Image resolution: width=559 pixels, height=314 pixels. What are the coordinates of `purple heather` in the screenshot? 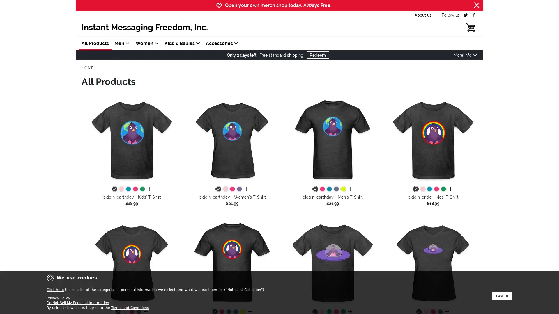 It's located at (239, 189).